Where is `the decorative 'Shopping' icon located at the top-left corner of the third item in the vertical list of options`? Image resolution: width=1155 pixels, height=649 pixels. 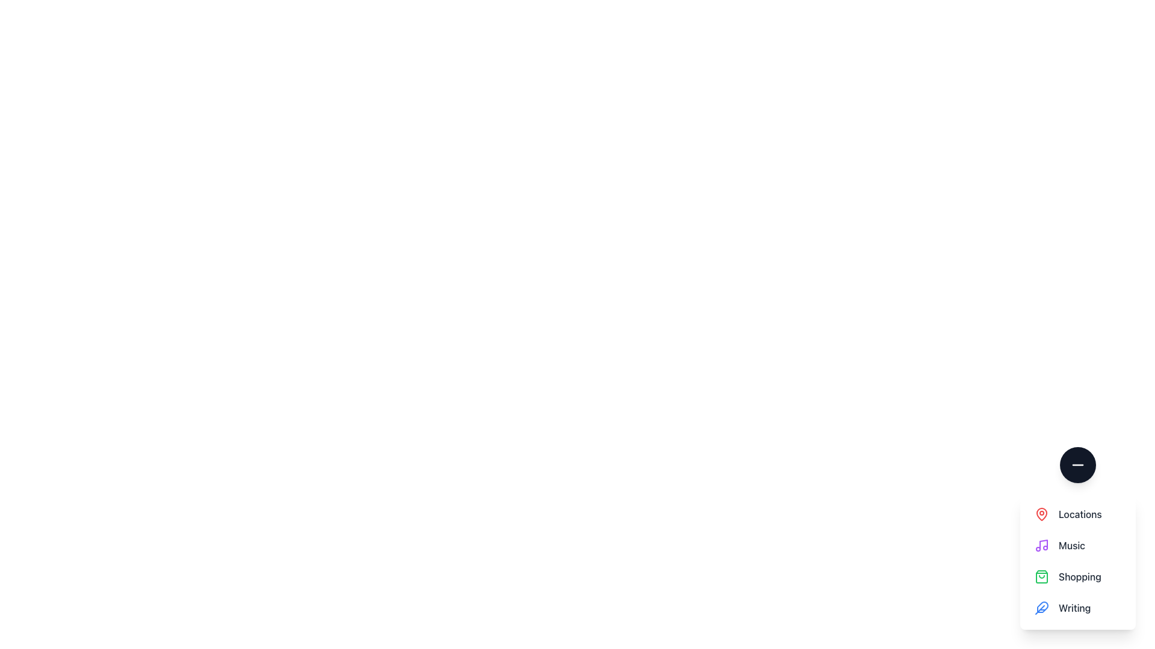
the decorative 'Shopping' icon located at the top-left corner of the third item in the vertical list of options is located at coordinates (1041, 576).